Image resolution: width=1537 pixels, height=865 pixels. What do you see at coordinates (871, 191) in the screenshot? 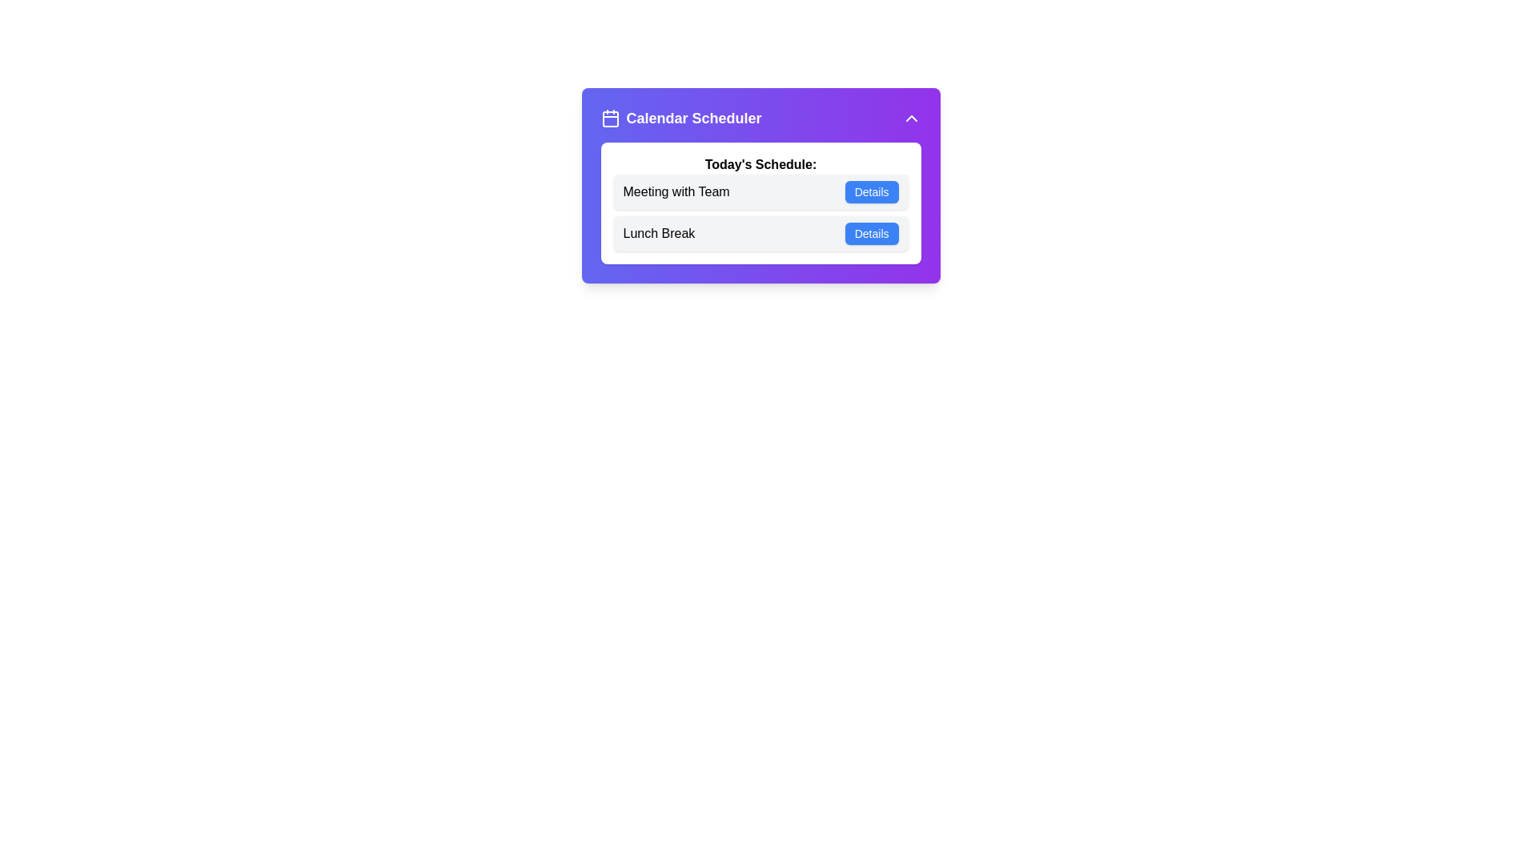
I see `the 'Details' button for the first schedule item` at bounding box center [871, 191].